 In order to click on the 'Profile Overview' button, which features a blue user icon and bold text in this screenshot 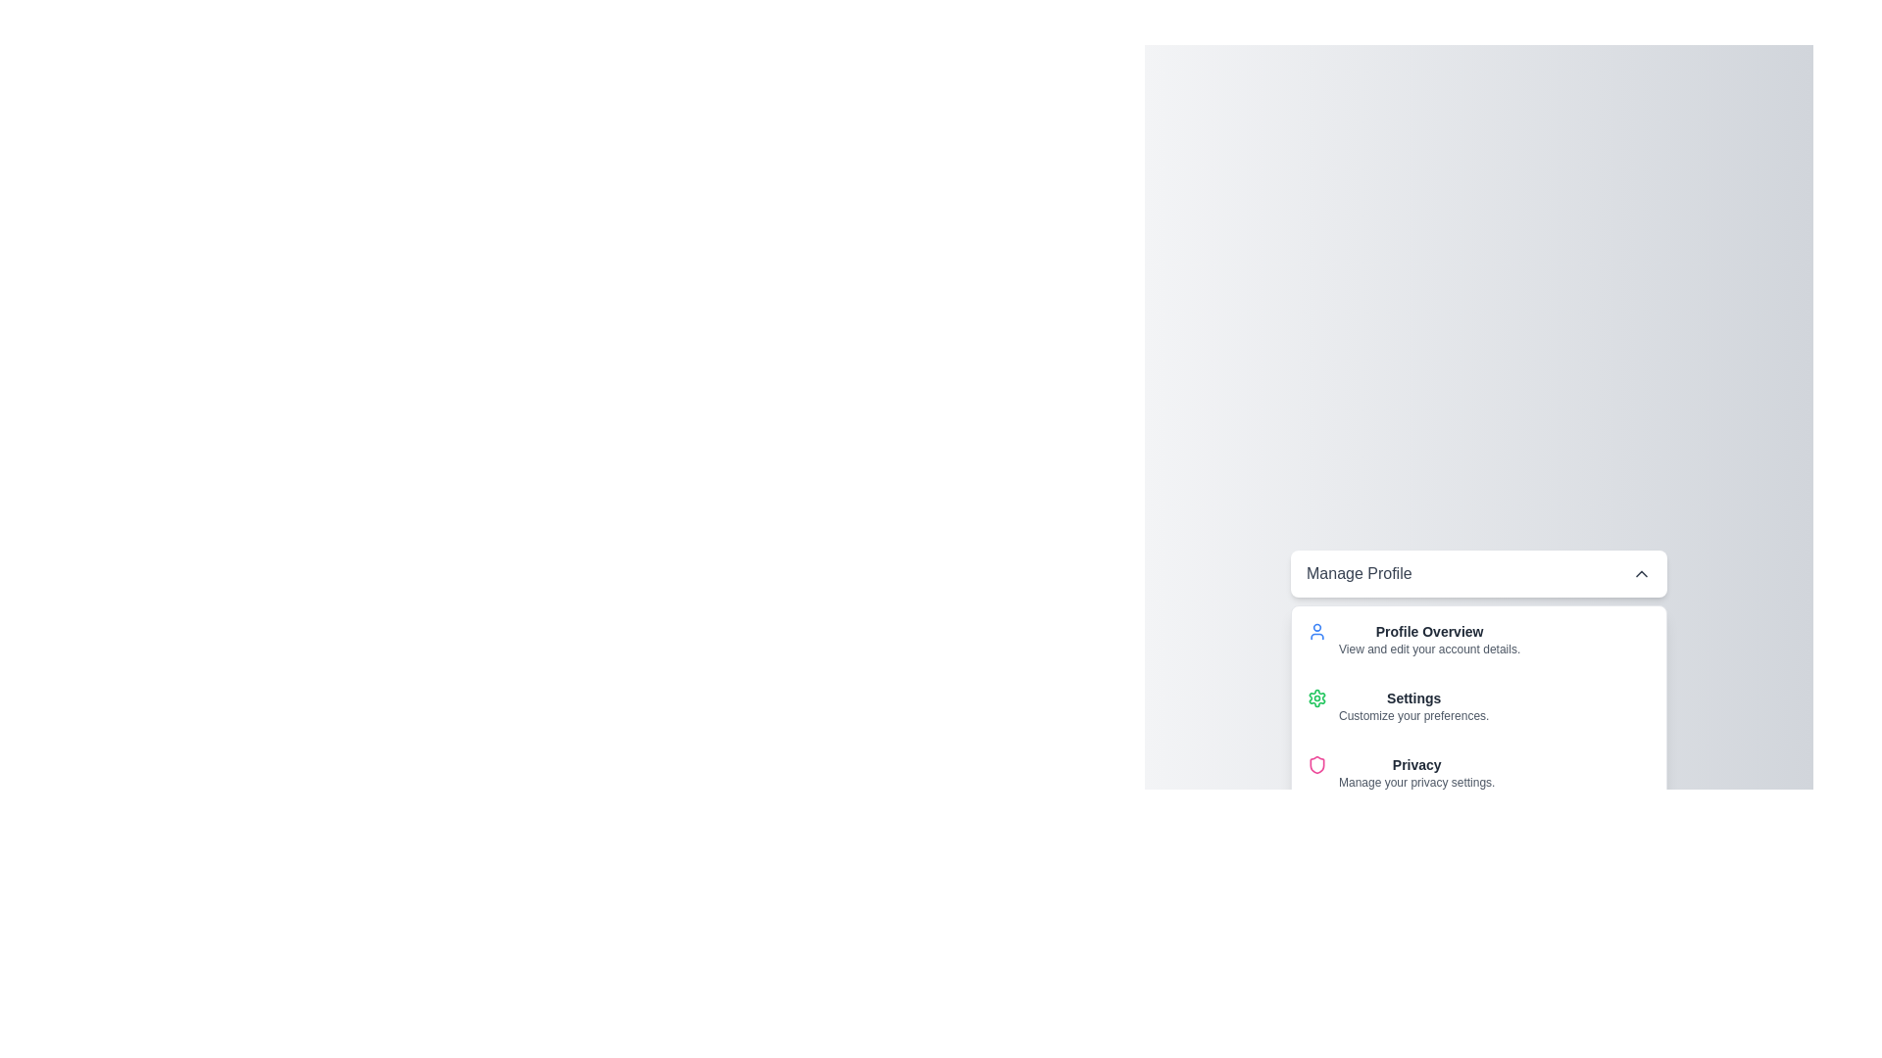, I will do `click(1478, 639)`.